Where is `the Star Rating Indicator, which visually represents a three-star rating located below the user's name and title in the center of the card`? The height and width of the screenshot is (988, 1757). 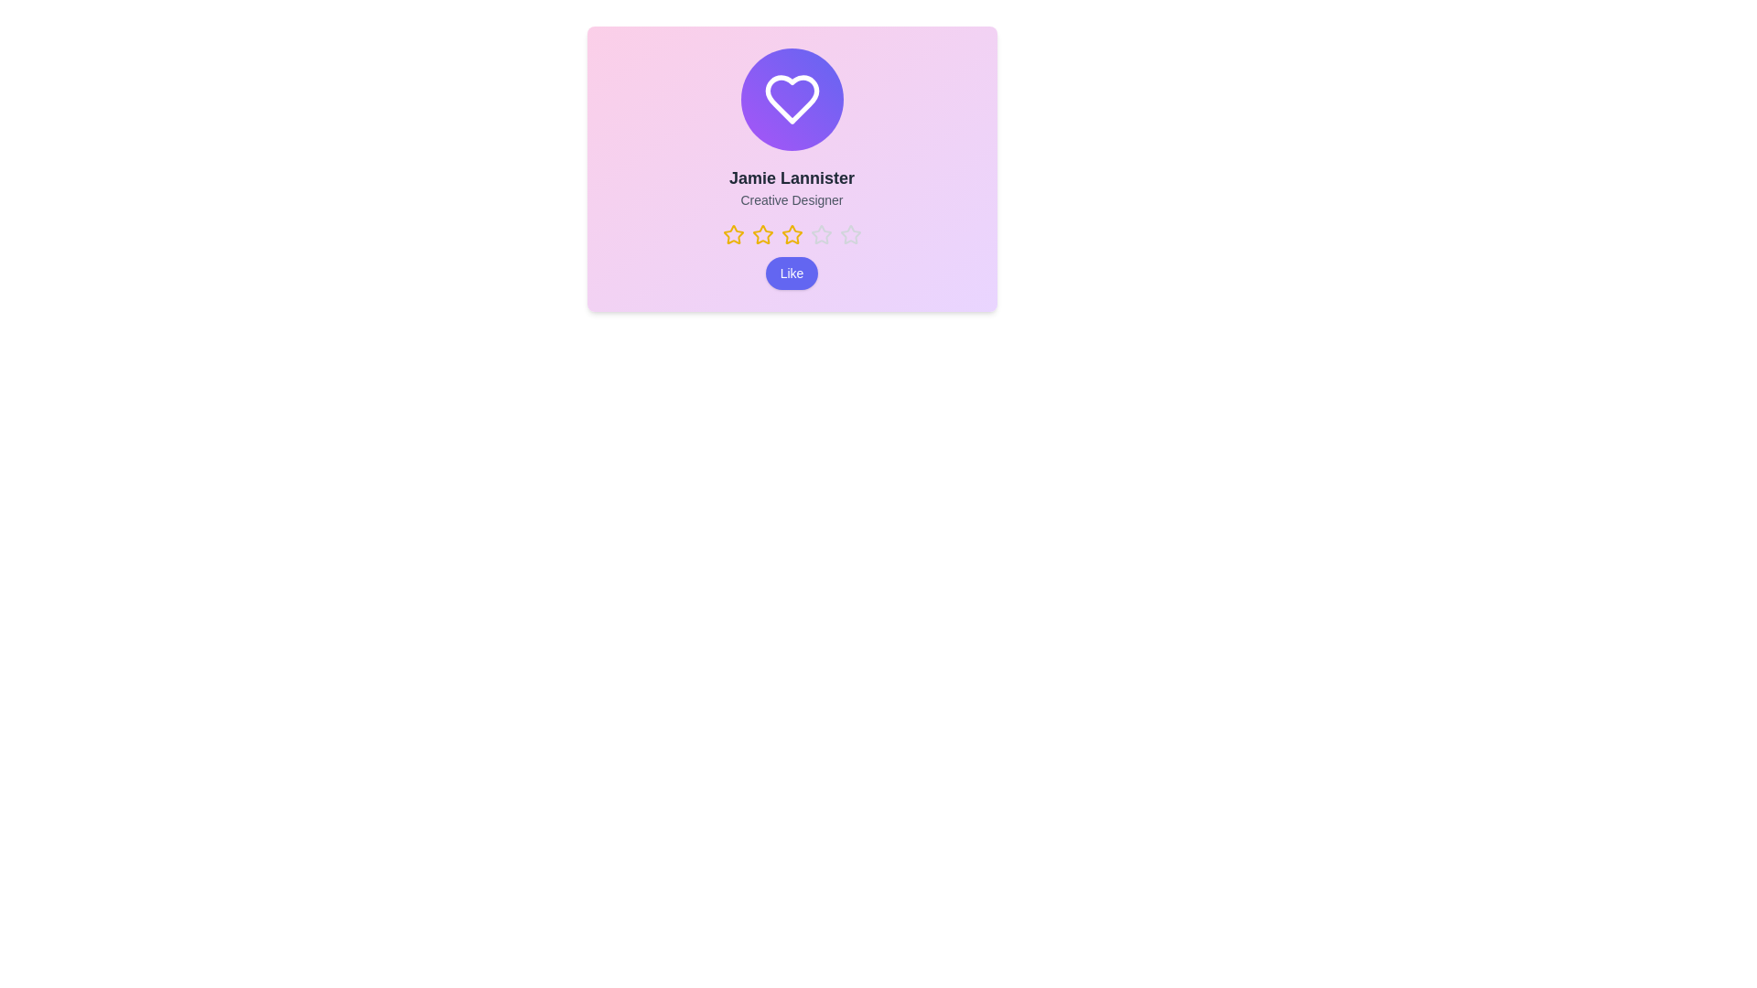 the Star Rating Indicator, which visually represents a three-star rating located below the user's name and title in the center of the card is located at coordinates (792, 234).